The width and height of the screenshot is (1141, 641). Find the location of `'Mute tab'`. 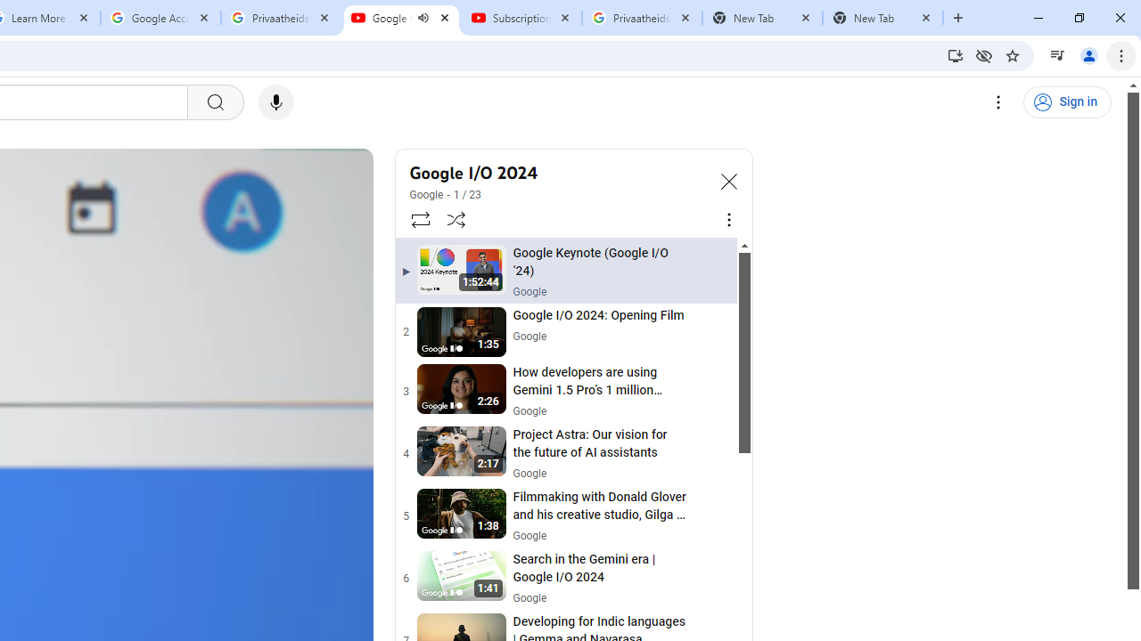

'Mute tab' is located at coordinates (422, 18).